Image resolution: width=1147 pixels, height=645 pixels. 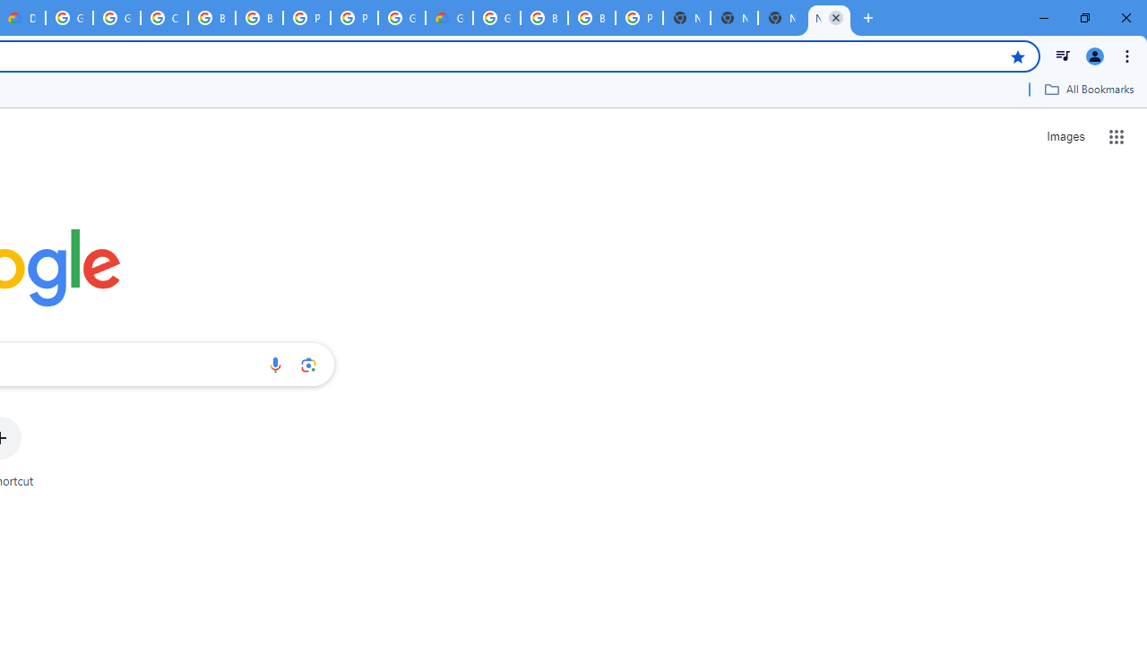 I want to click on 'Browse Chrome as a guest - Computer - Google Chrome Help', so click(x=211, y=18).